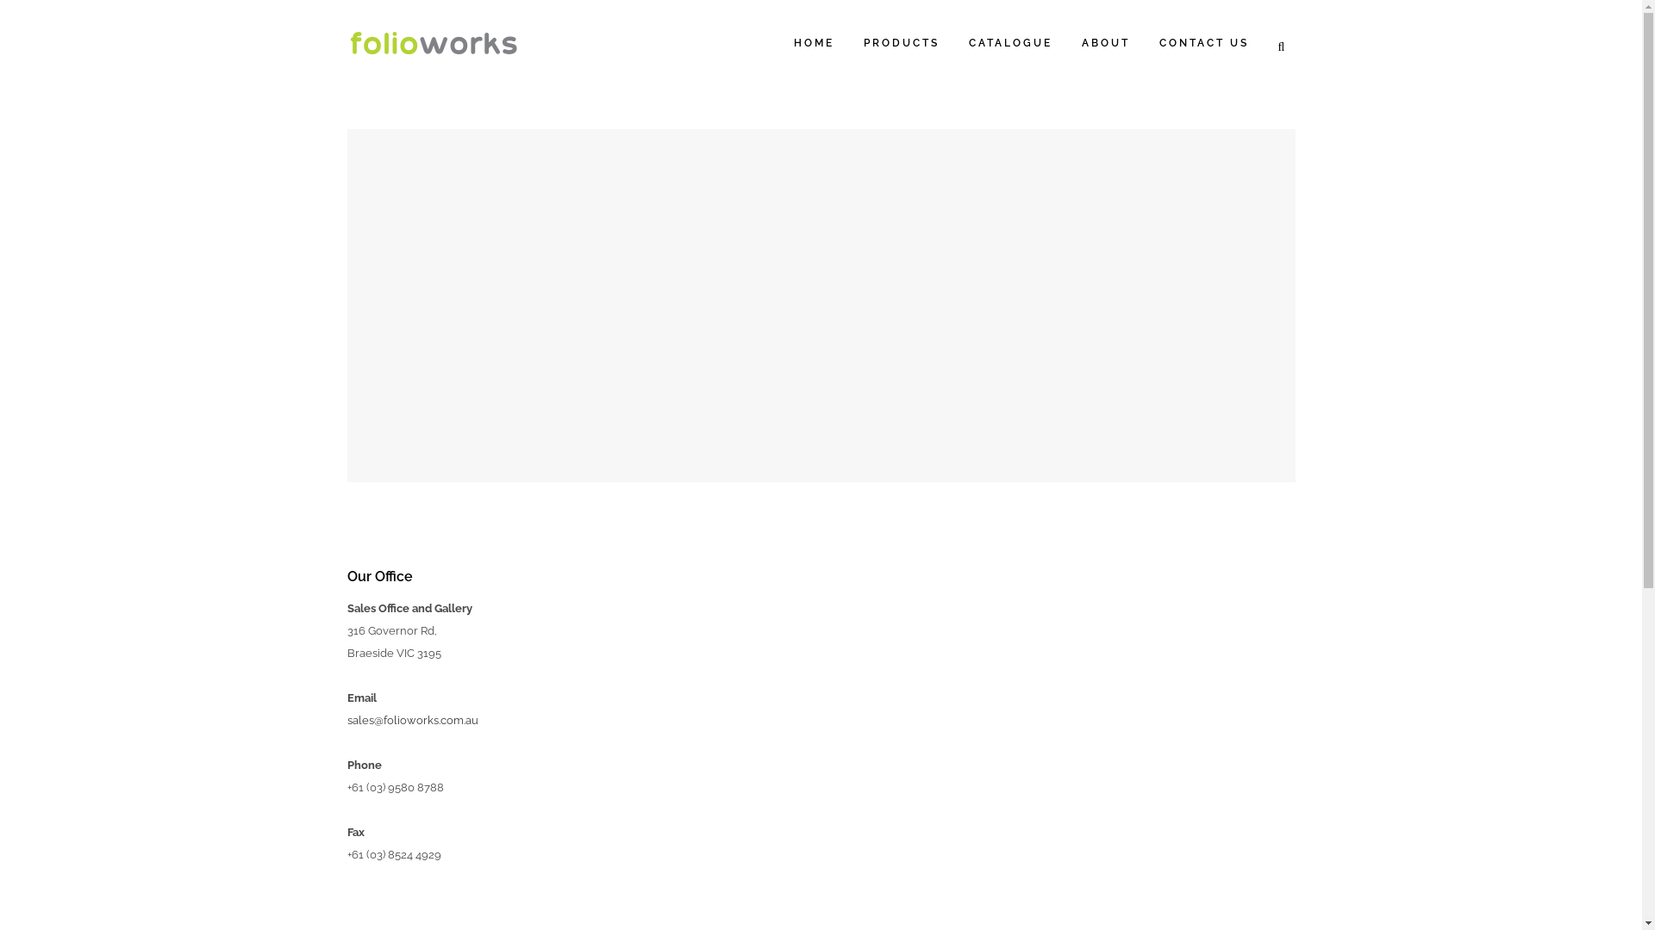 This screenshot has height=930, width=1655. I want to click on 'CATALOGUE', so click(1009, 42).